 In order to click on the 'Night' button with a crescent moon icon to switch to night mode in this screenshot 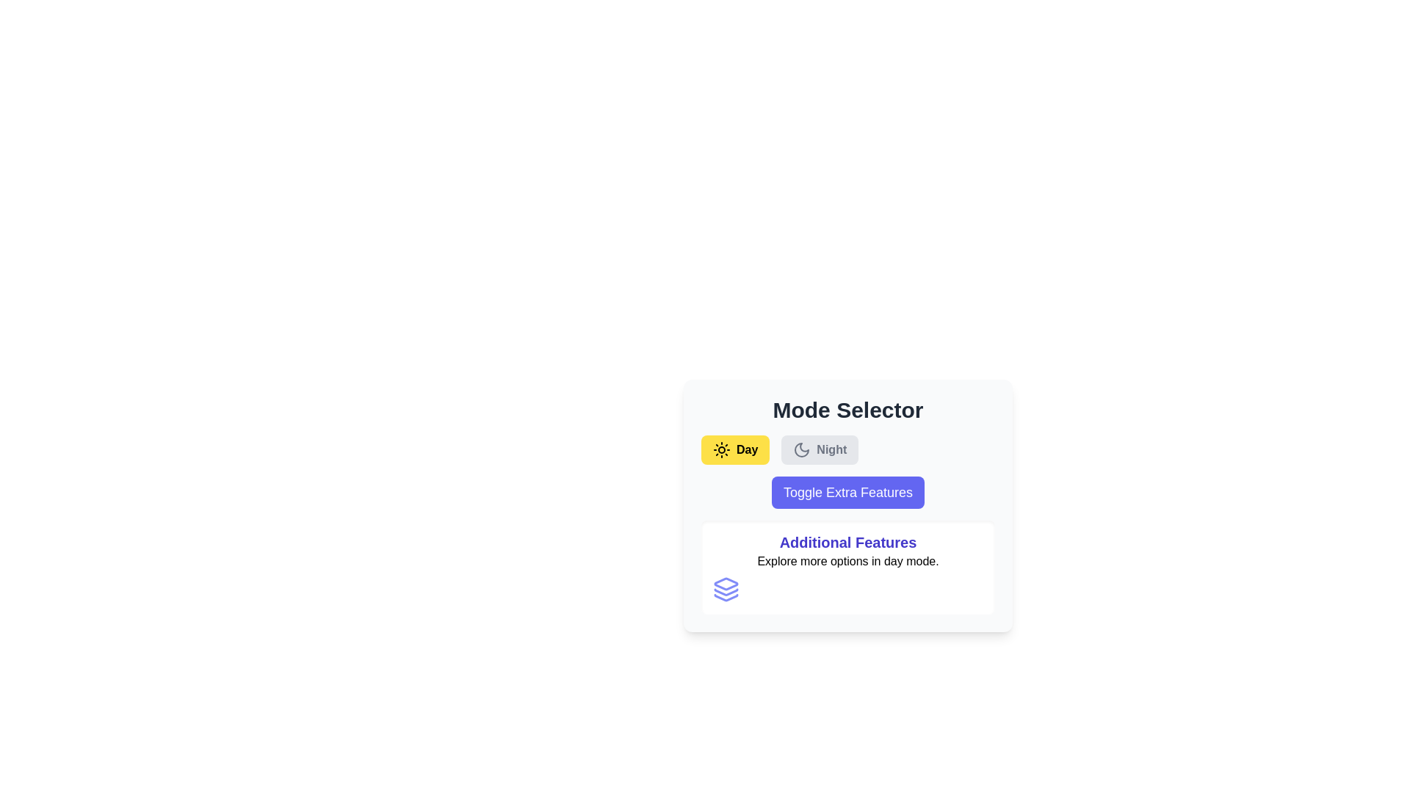, I will do `click(819, 449)`.